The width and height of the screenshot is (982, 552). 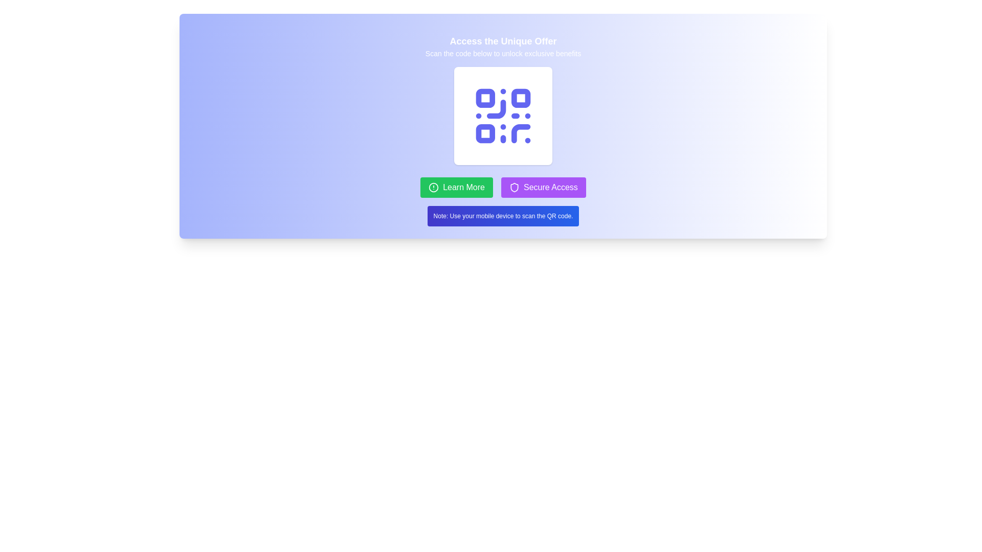 I want to click on the stylized purple shield icon within the Secure Access button, located to the left of the text label 'Secure Access', so click(x=515, y=187).